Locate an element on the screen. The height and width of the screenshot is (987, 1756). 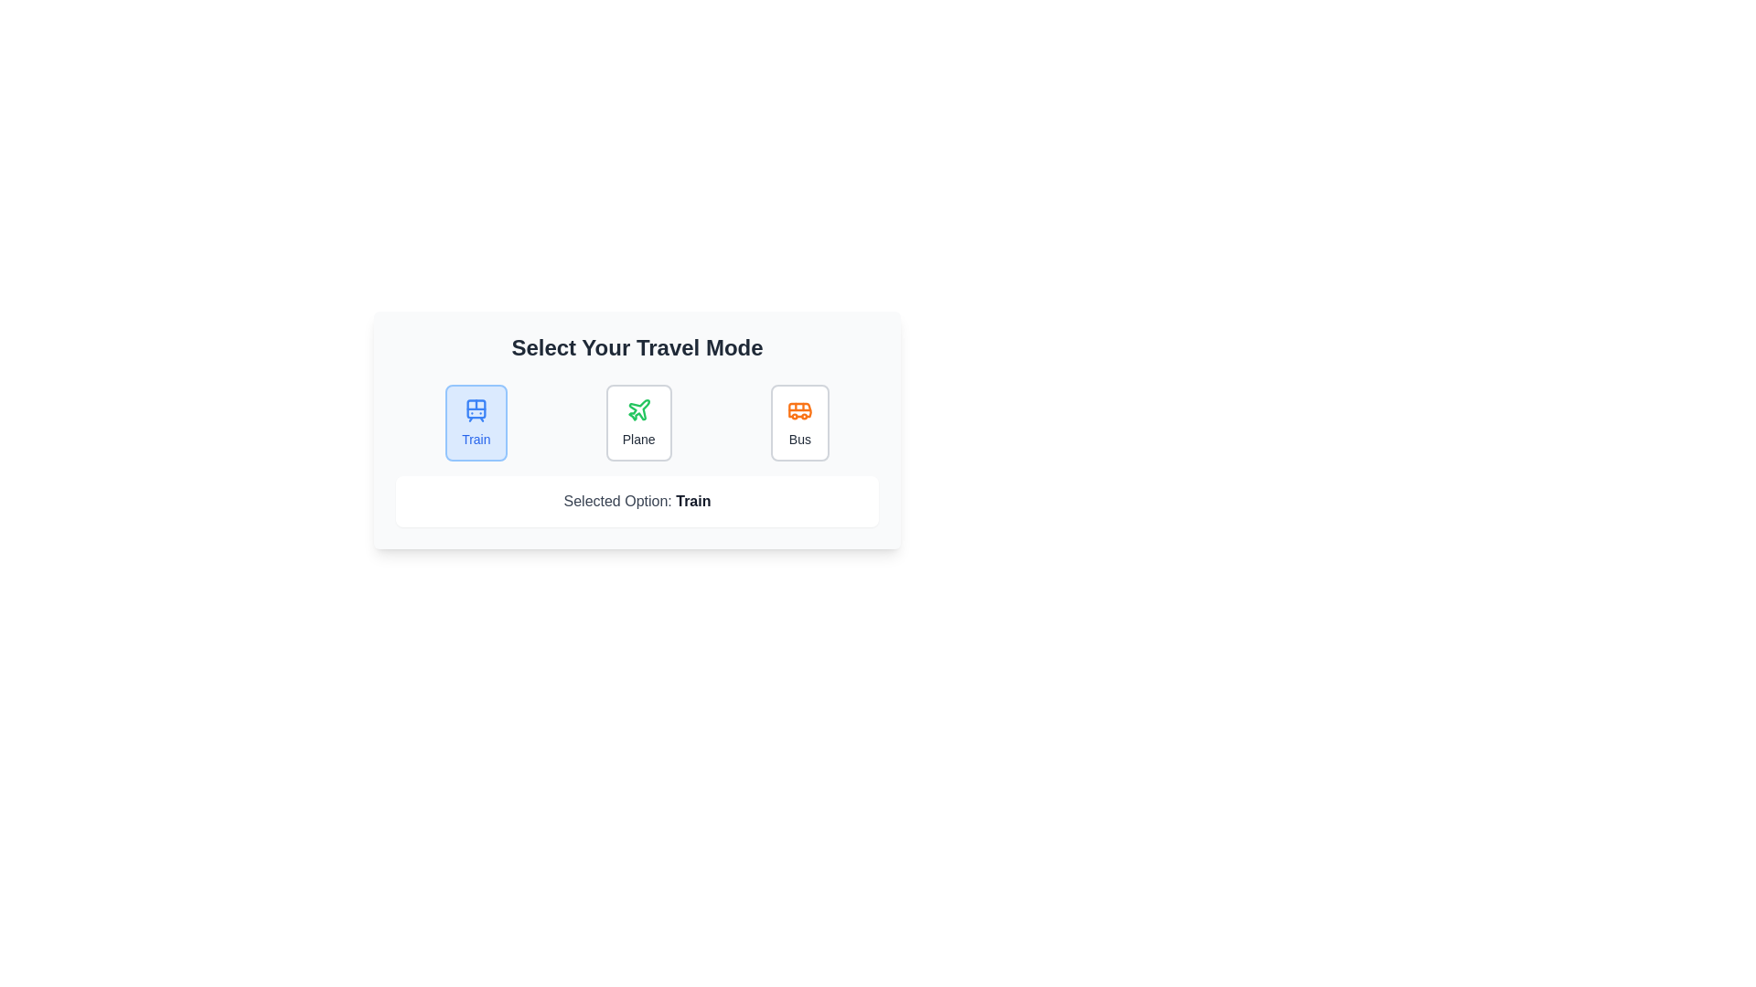
the text label displaying 'Train', which is located below the train icon in the travel mode selection button group is located at coordinates (476, 440).